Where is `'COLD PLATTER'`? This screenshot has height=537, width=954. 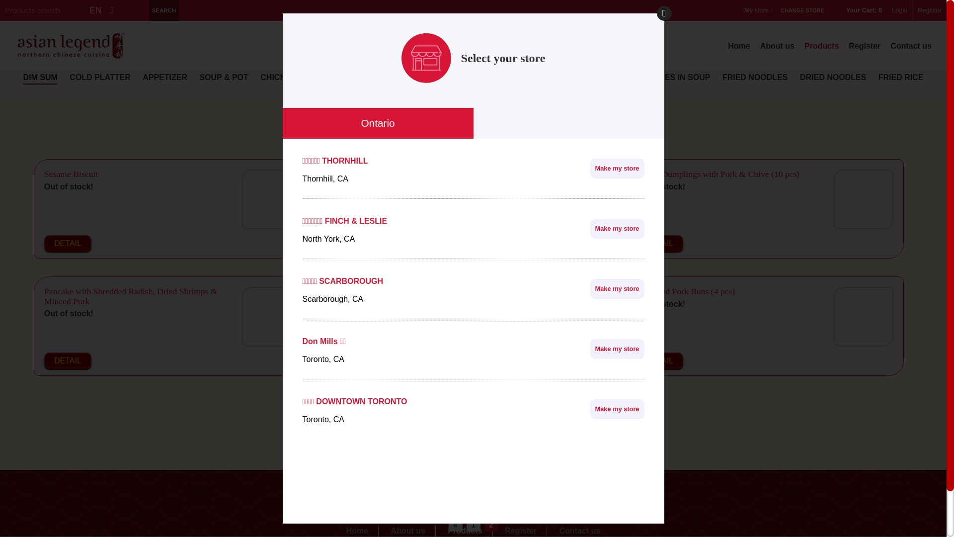 'COLD PLATTER' is located at coordinates (69, 77).